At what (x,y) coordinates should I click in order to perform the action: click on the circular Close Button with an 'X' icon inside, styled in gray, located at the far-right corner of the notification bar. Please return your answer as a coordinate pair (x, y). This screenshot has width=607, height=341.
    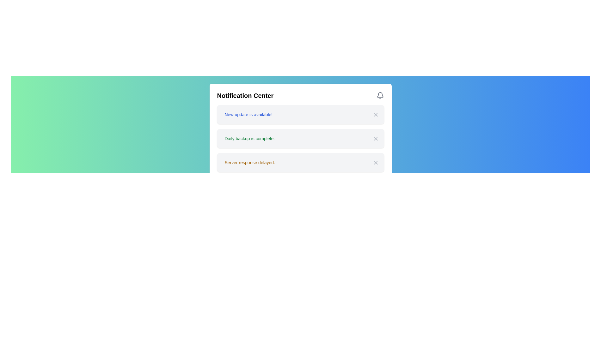
    Looking at the image, I should click on (376, 162).